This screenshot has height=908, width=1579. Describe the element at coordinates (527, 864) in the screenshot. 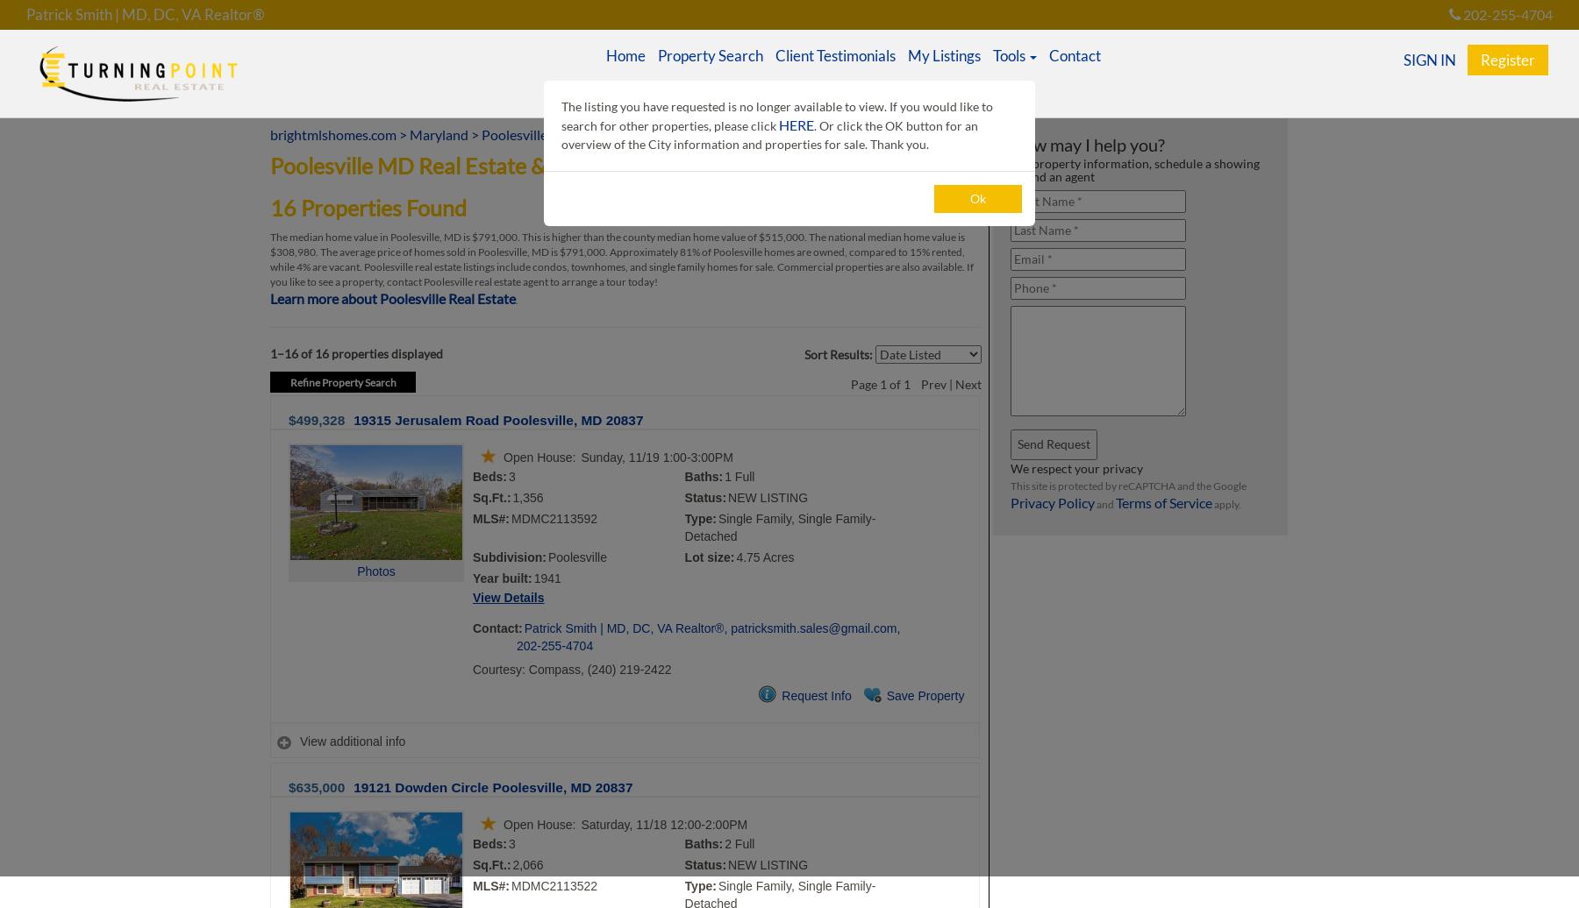

I see `'2,066'` at that location.